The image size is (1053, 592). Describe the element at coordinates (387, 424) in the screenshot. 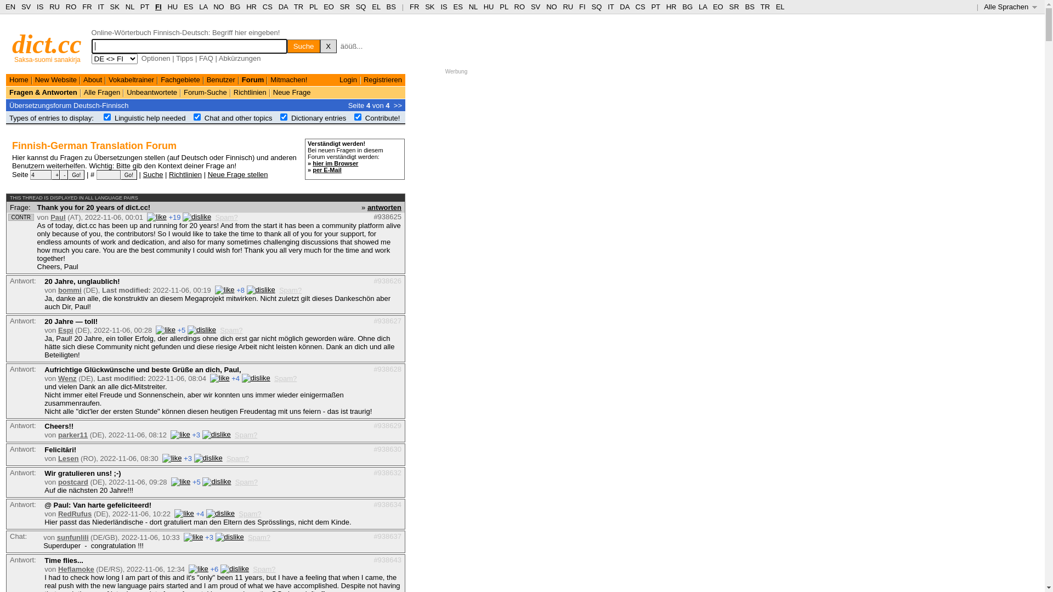

I see `'#938629'` at that location.